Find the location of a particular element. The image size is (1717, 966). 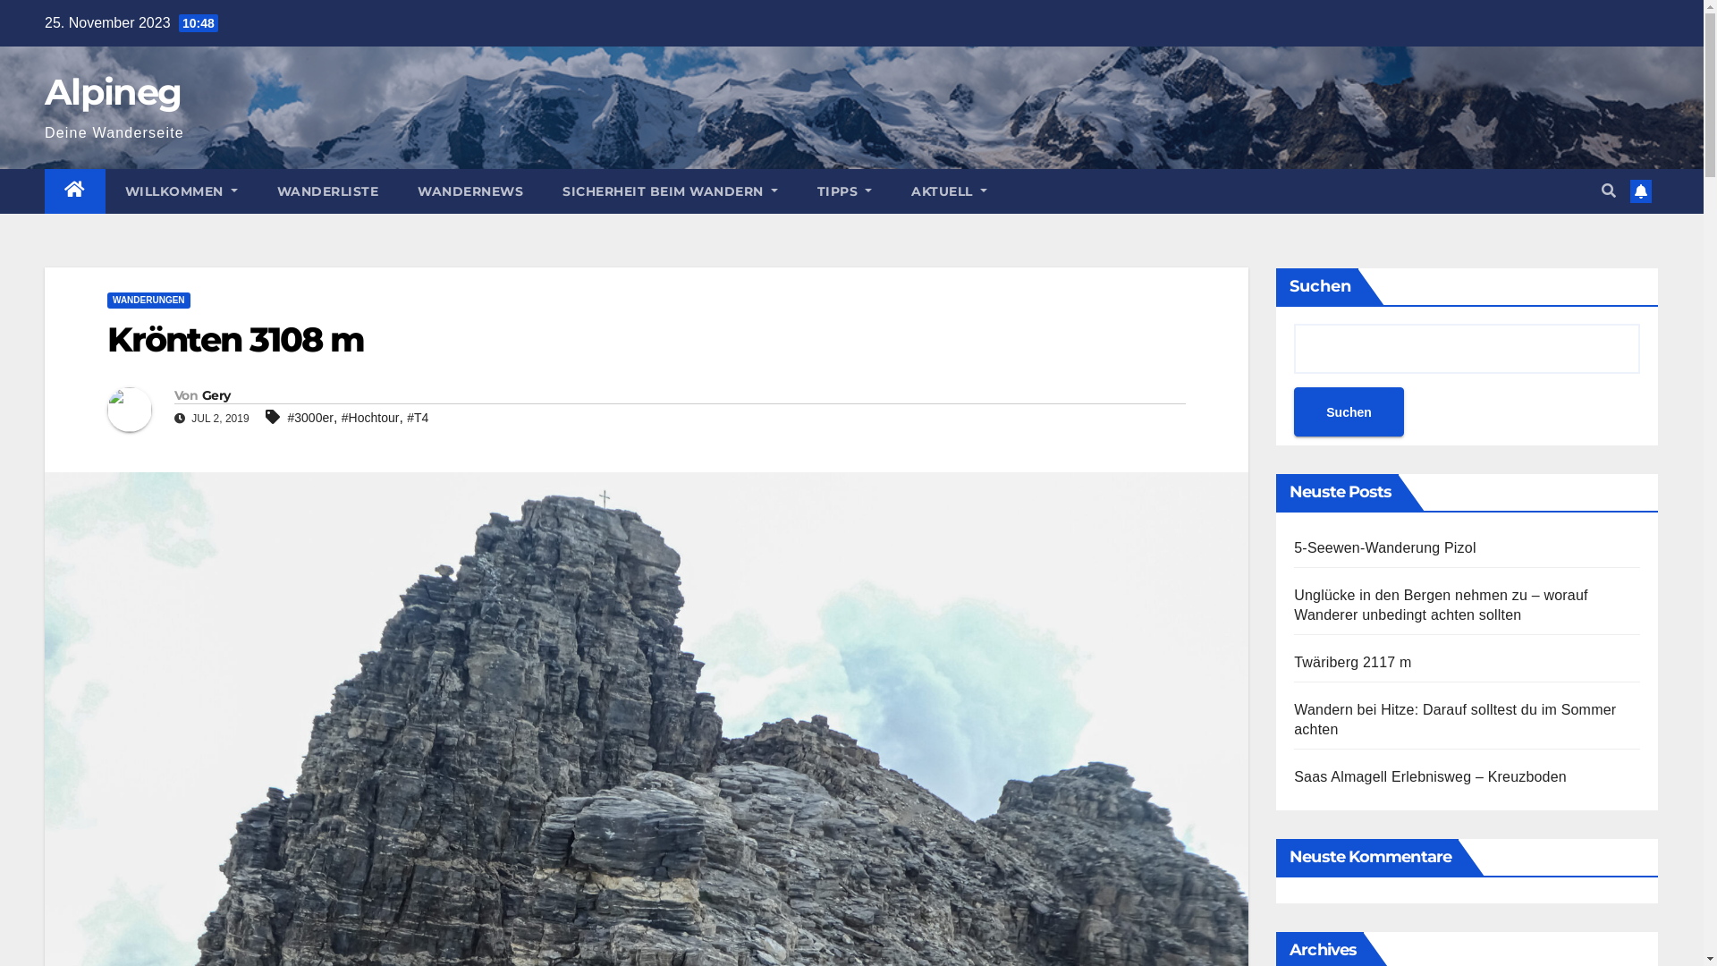

'WANDERNEWS' is located at coordinates (470, 191).